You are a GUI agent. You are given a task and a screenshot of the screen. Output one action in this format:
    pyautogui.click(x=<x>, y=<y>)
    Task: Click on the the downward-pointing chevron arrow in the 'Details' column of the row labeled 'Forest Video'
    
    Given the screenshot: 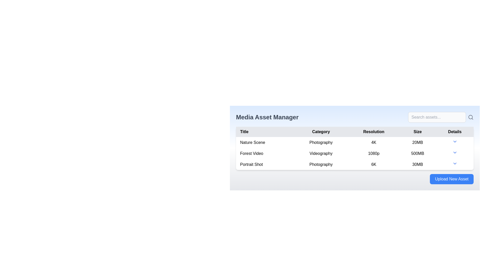 What is the action you would take?
    pyautogui.click(x=455, y=153)
    